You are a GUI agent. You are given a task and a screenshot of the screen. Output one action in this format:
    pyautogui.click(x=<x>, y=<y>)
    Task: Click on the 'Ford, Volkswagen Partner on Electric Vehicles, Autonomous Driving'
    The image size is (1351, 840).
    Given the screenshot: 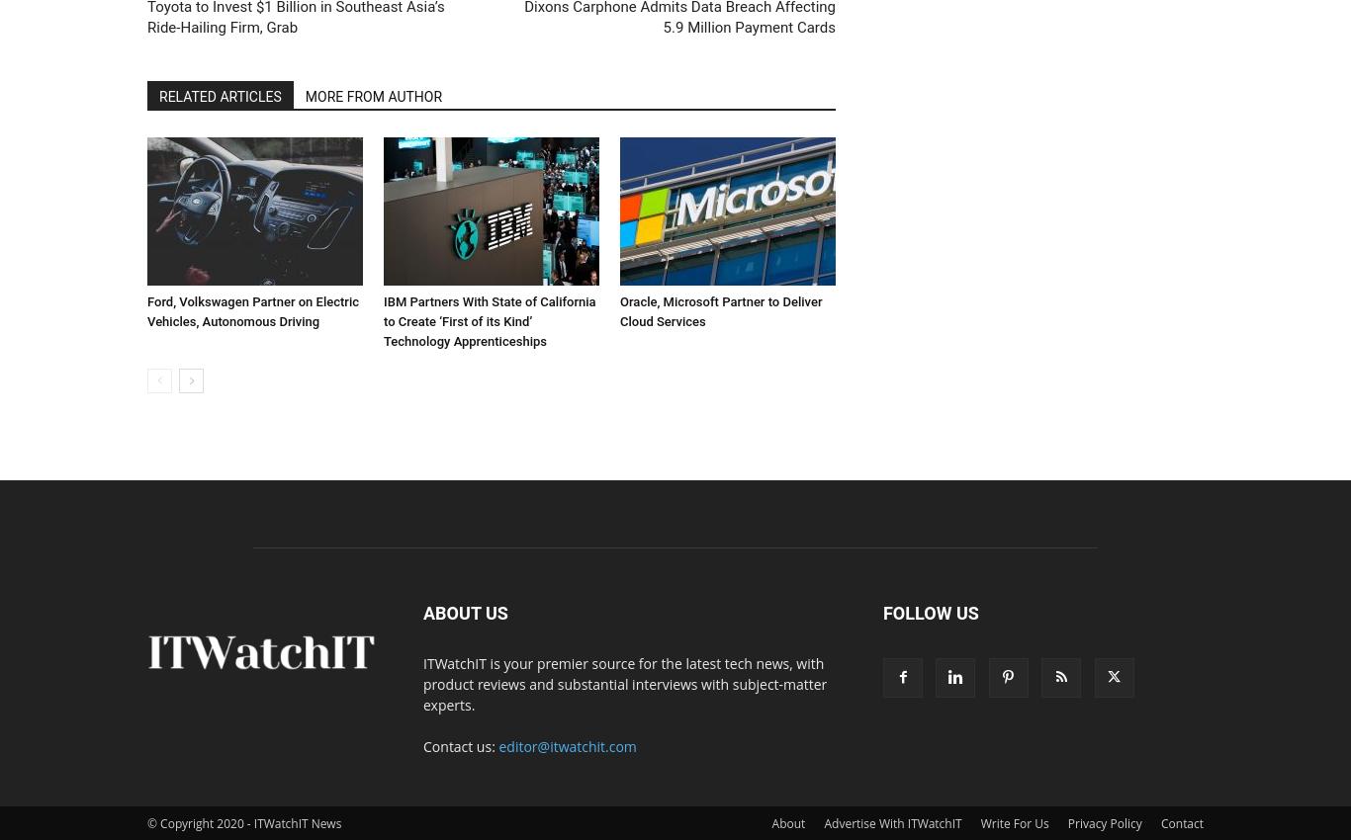 What is the action you would take?
    pyautogui.click(x=146, y=310)
    